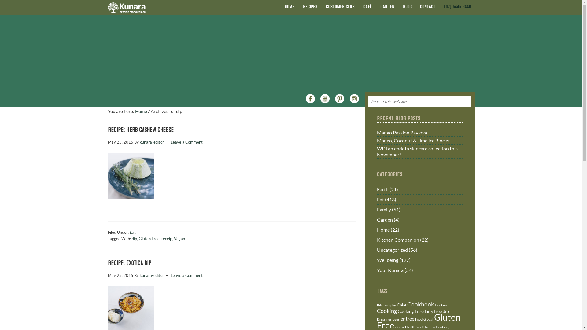 The image size is (587, 330). Describe the element at coordinates (386, 305) in the screenshot. I see `'Bibliography'` at that location.